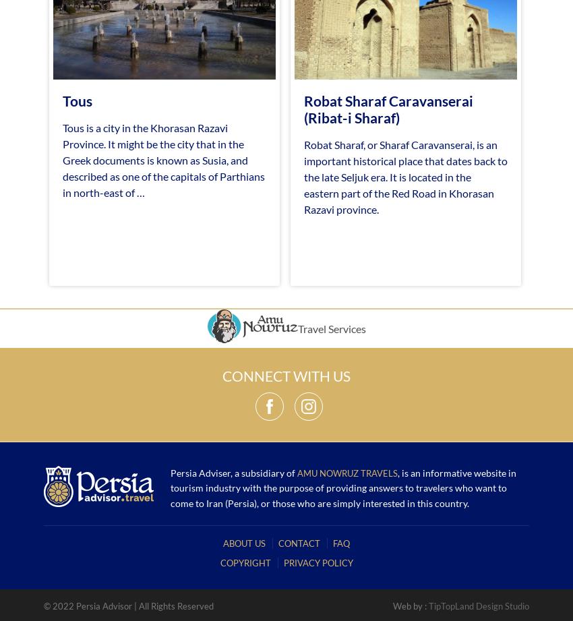 This screenshot has height=621, width=573. Describe the element at coordinates (244, 561) in the screenshot. I see `'Copyright'` at that location.